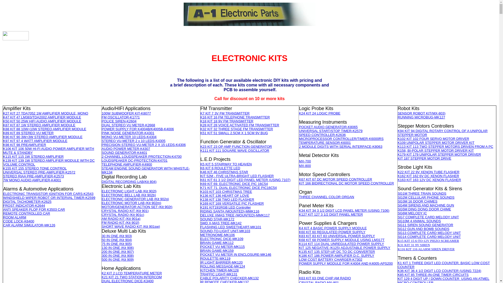 This screenshot has height=283, width=503. Describe the element at coordinates (3, 221) in the screenshot. I see `'CODE LOCK-K6400'` at that location.